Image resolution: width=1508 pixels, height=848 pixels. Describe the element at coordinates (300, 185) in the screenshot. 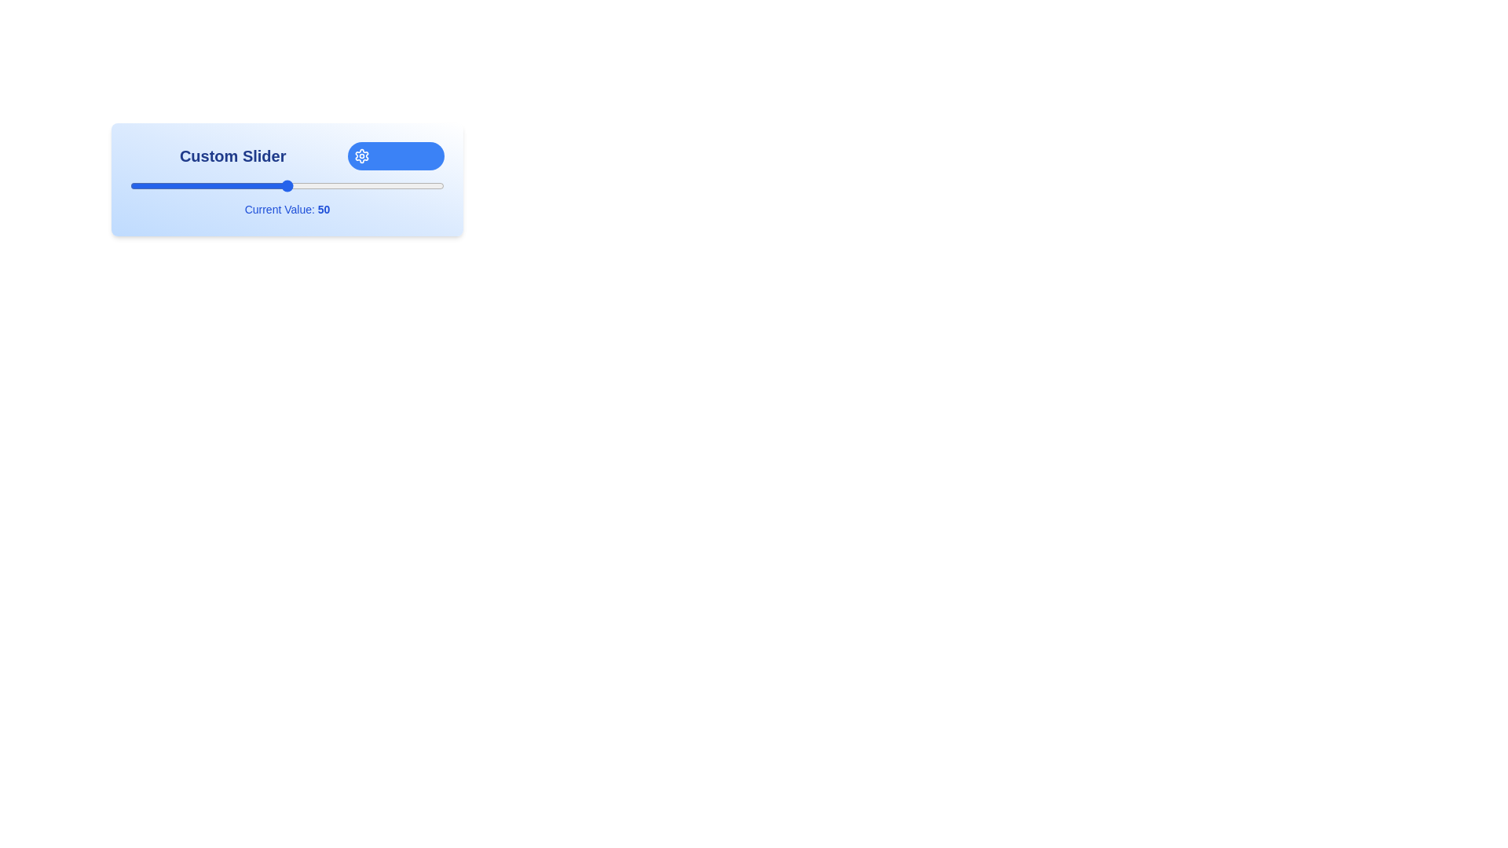

I see `the slider's value` at that location.